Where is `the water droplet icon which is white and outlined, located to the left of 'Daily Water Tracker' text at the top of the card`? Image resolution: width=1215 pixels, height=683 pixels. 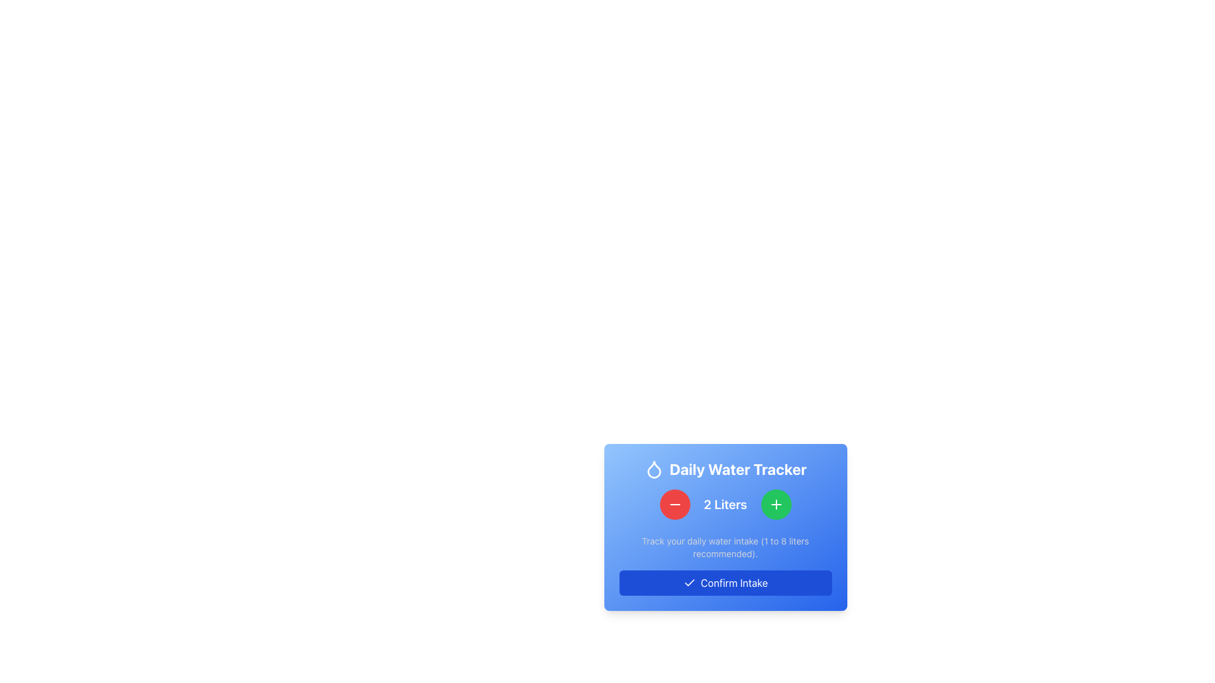 the water droplet icon which is white and outlined, located to the left of 'Daily Water Tracker' text at the top of the card is located at coordinates (654, 469).